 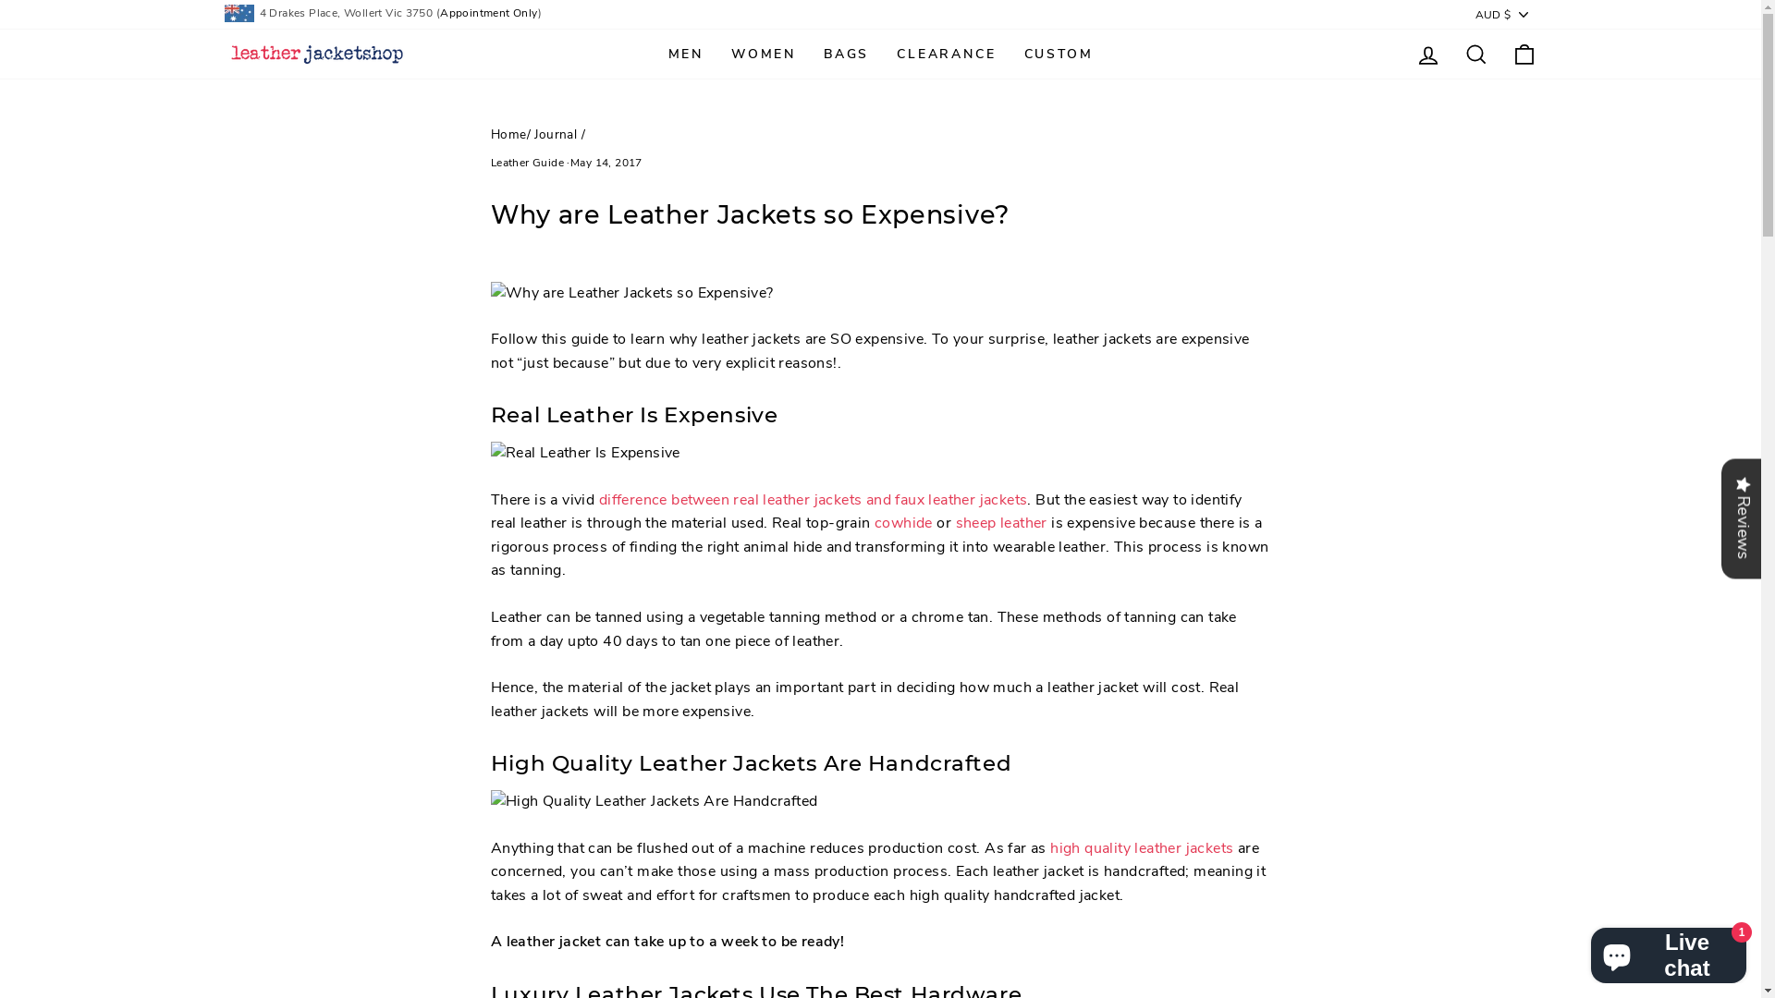 What do you see at coordinates (1058, 53) in the screenshot?
I see `'CUSTOM'` at bounding box center [1058, 53].